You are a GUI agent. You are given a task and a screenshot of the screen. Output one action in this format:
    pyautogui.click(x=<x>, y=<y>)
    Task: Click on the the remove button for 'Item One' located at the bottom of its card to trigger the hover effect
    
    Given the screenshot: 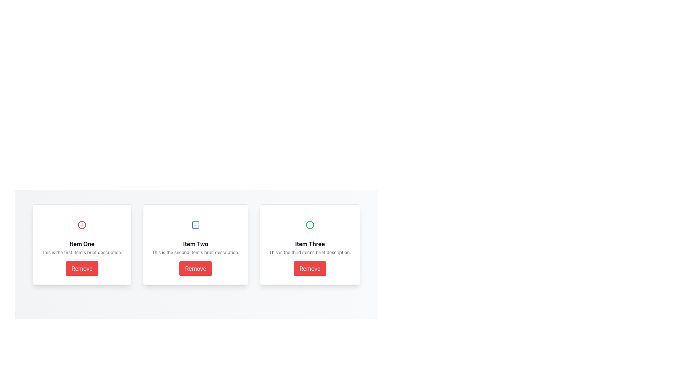 What is the action you would take?
    pyautogui.click(x=82, y=269)
    